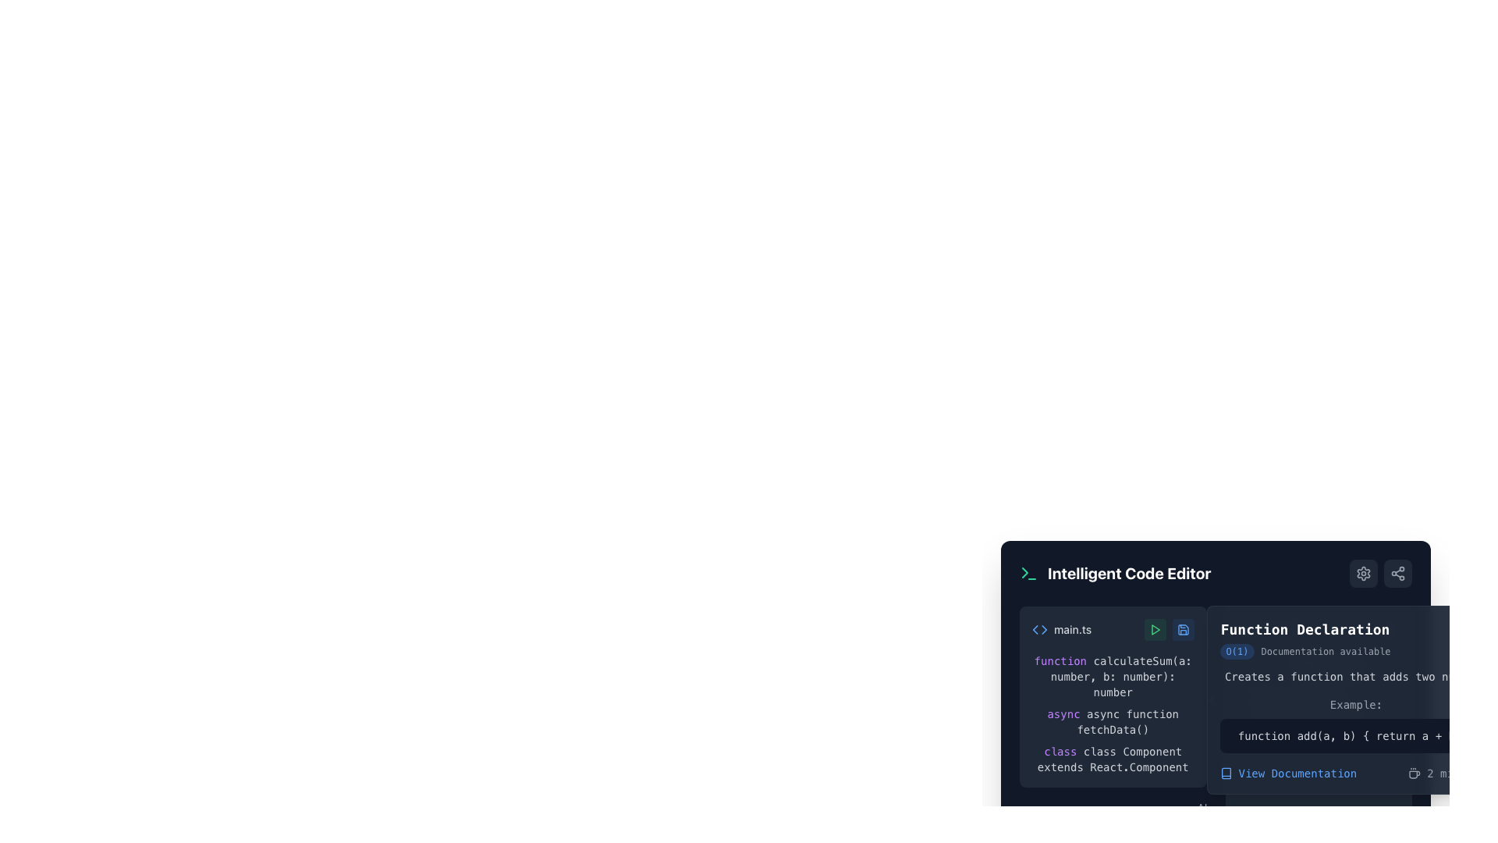 The height and width of the screenshot is (843, 1498). What do you see at coordinates (1040, 628) in the screenshot?
I see `the coding-related icon located to the left of the 'main.ts' text label in the editor interface` at bounding box center [1040, 628].